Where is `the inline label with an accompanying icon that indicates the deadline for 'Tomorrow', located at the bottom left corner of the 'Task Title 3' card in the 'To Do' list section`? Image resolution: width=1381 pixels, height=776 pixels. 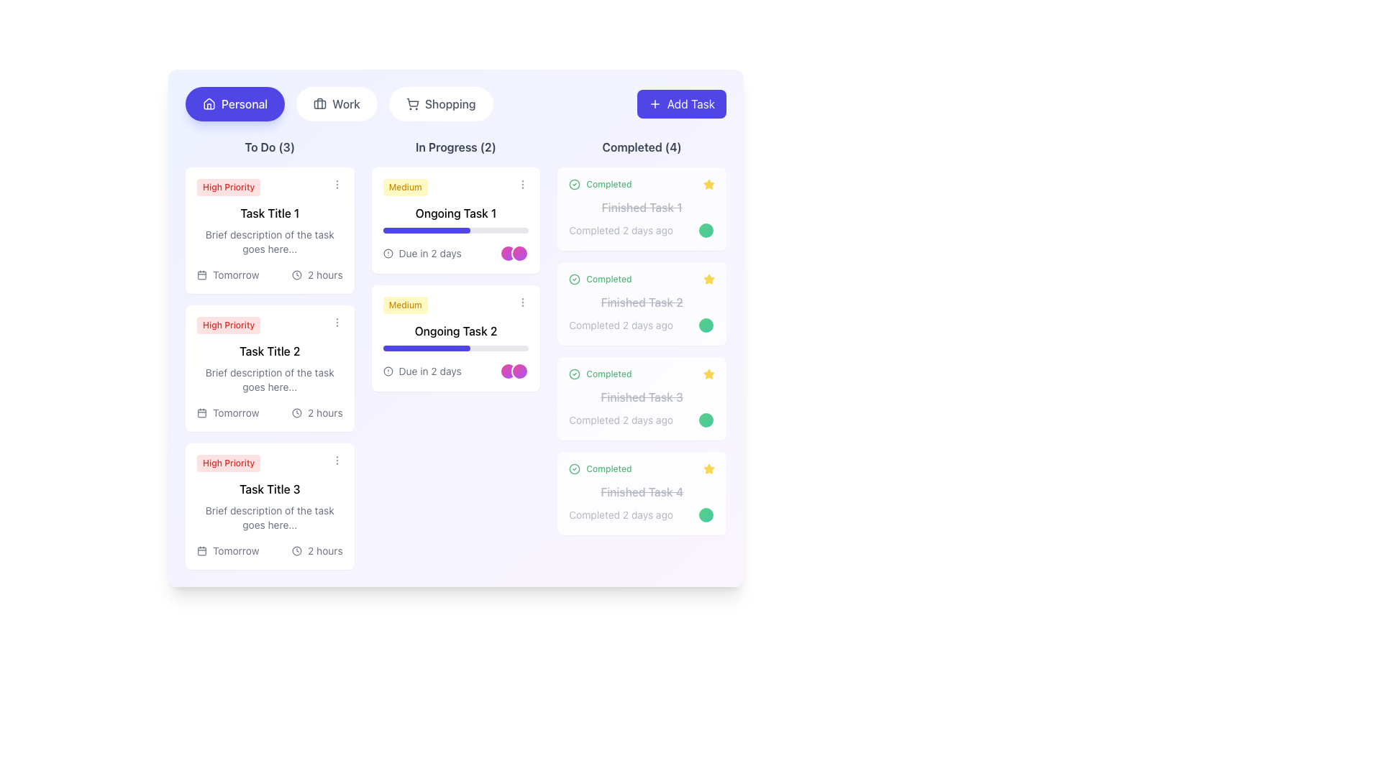
the inline label with an accompanying icon that indicates the deadline for 'Tomorrow', located at the bottom left corner of the 'Task Title 3' card in the 'To Do' list section is located at coordinates (227, 550).